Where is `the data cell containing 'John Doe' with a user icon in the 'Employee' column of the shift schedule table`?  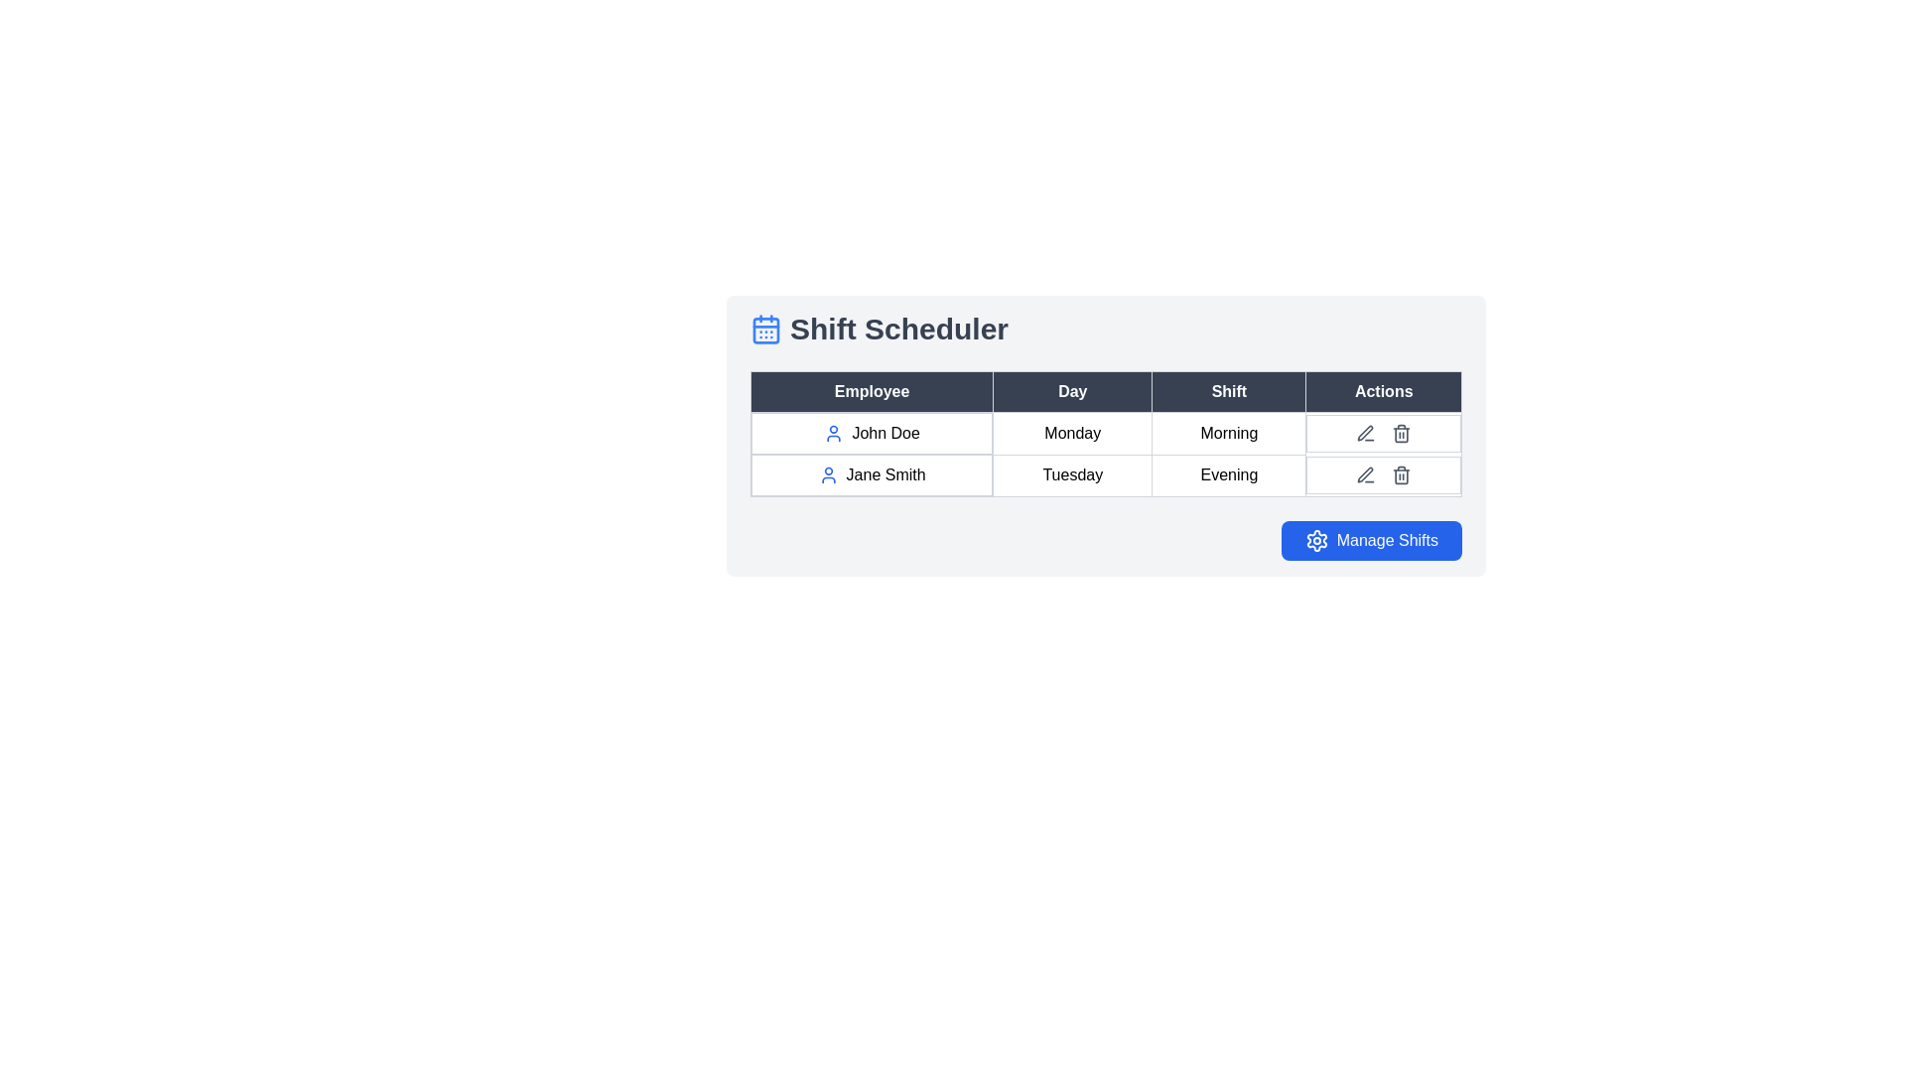
the data cell containing 'John Doe' with a user icon in the 'Employee' column of the shift schedule table is located at coordinates (872, 432).